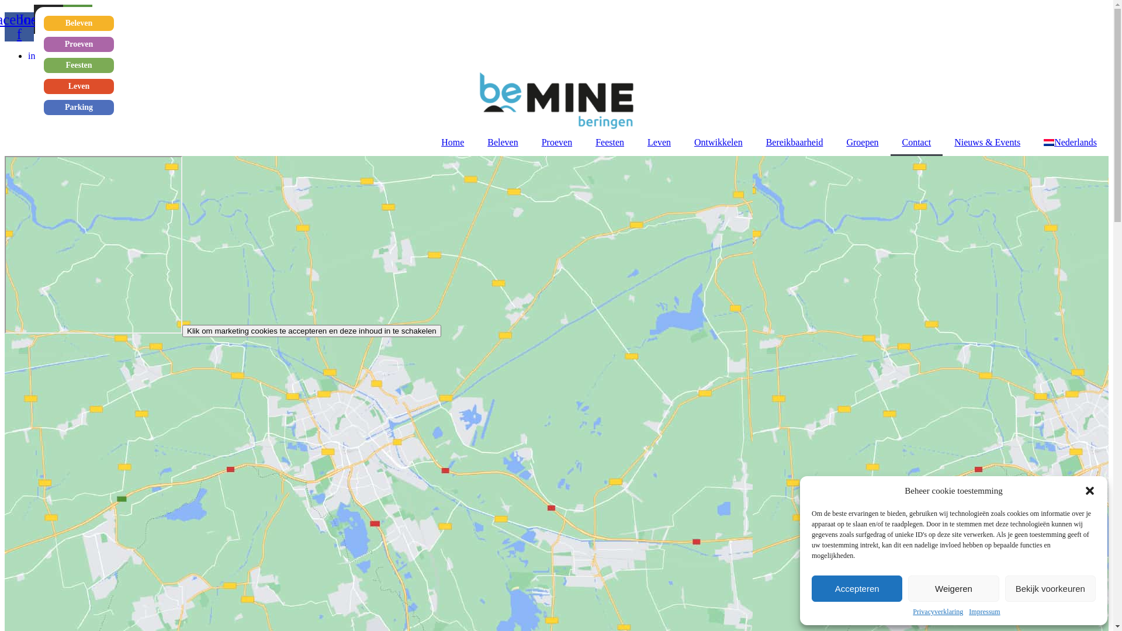 Image resolution: width=1122 pixels, height=631 pixels. What do you see at coordinates (682, 141) in the screenshot?
I see `'Ontwikkelen'` at bounding box center [682, 141].